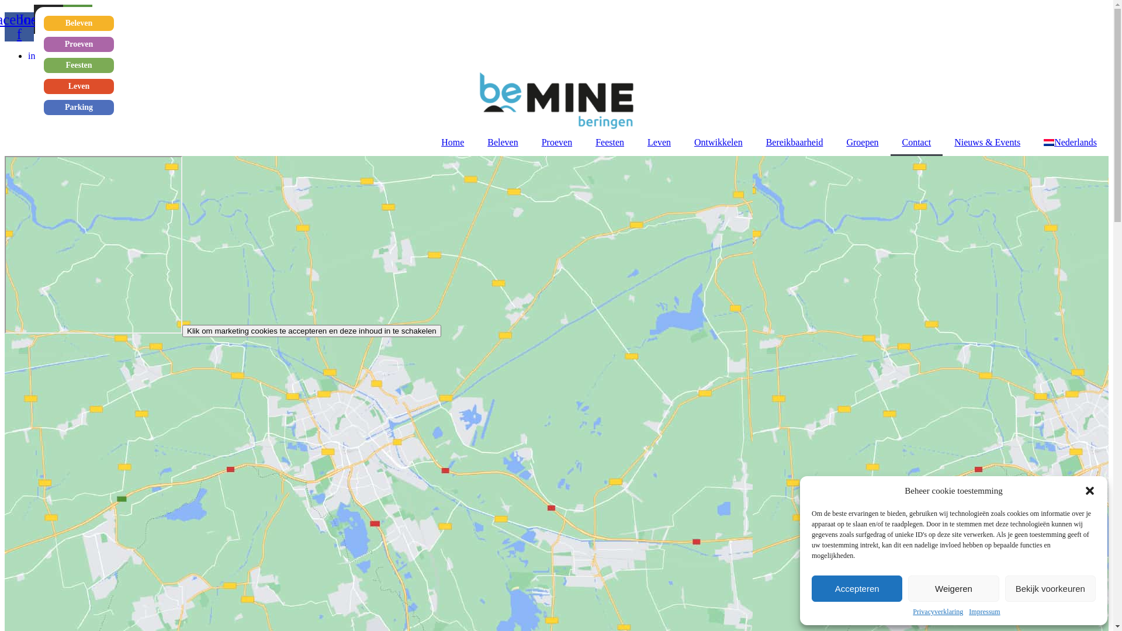 Image resolution: width=1122 pixels, height=631 pixels. What do you see at coordinates (682, 141) in the screenshot?
I see `'Ontwikkelen'` at bounding box center [682, 141].